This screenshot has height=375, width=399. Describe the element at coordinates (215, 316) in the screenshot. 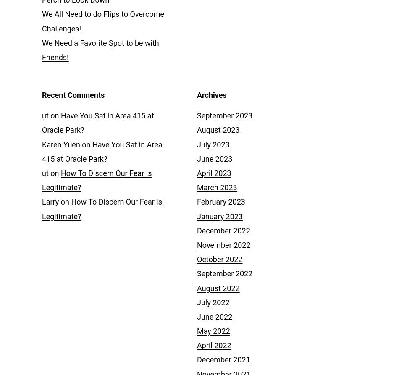

I see `'June 2022'` at that location.